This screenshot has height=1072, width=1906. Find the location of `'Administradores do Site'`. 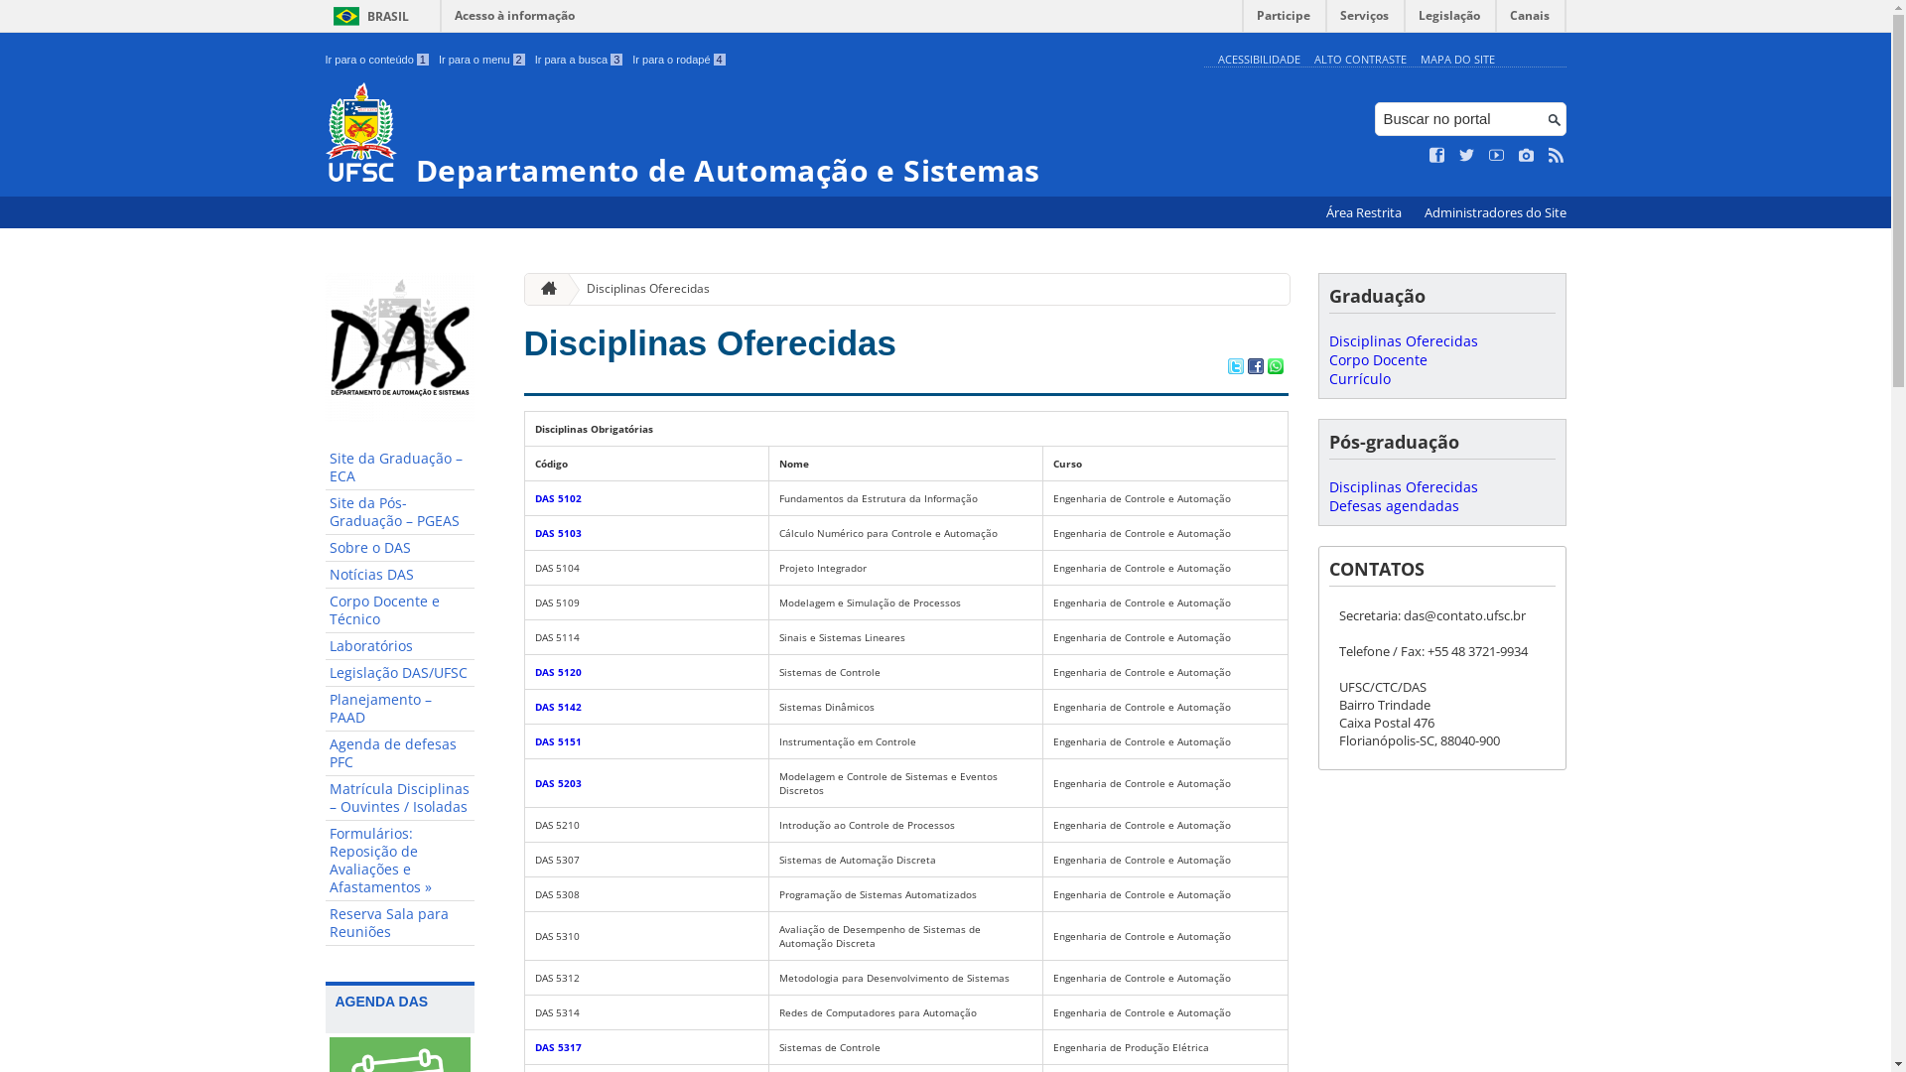

'Administradores do Site' is located at coordinates (1494, 212).